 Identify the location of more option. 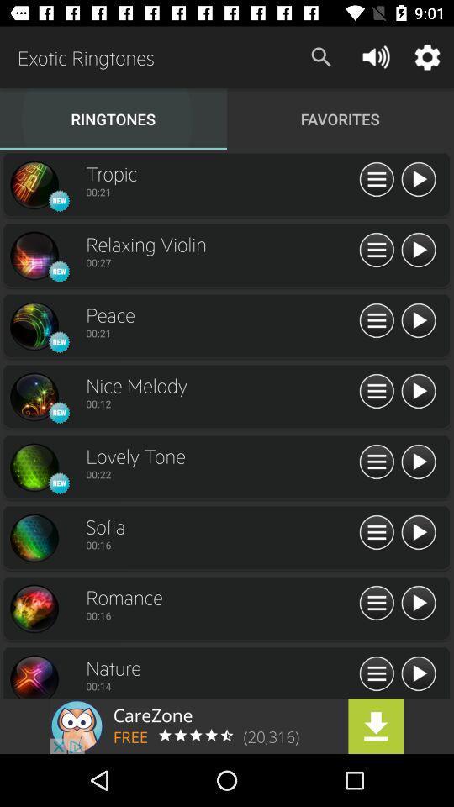
(377, 250).